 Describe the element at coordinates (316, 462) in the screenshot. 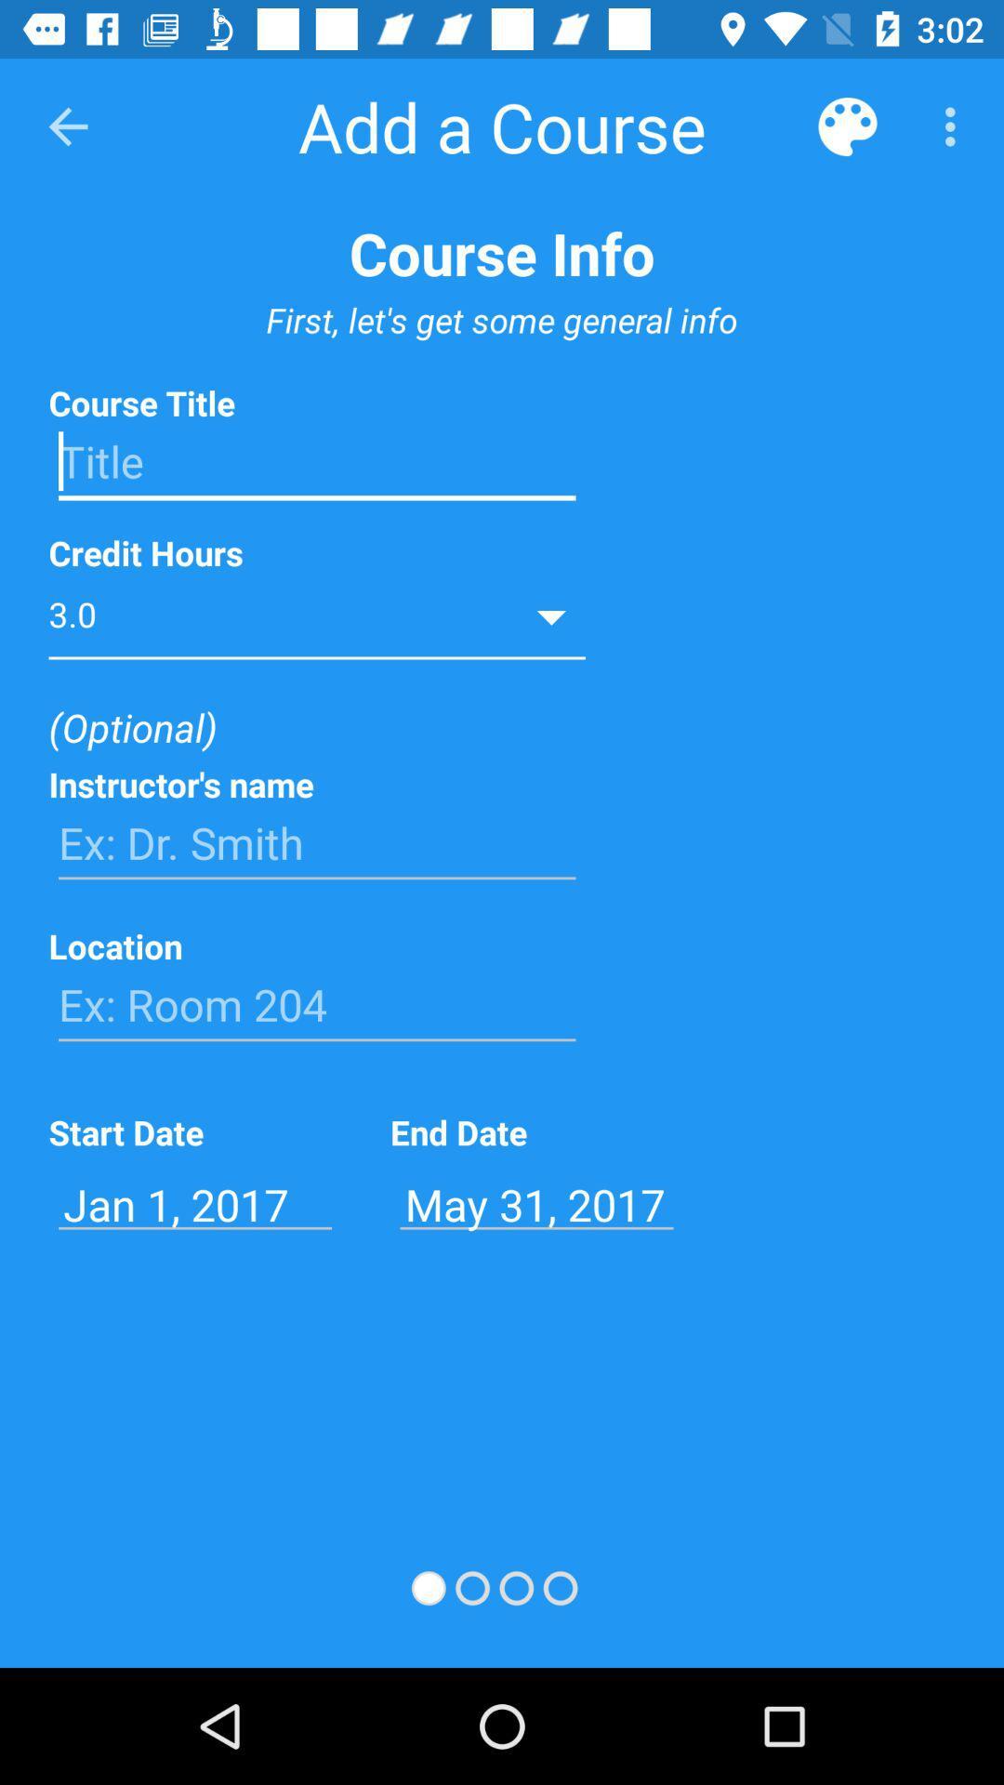

I see `title` at that location.